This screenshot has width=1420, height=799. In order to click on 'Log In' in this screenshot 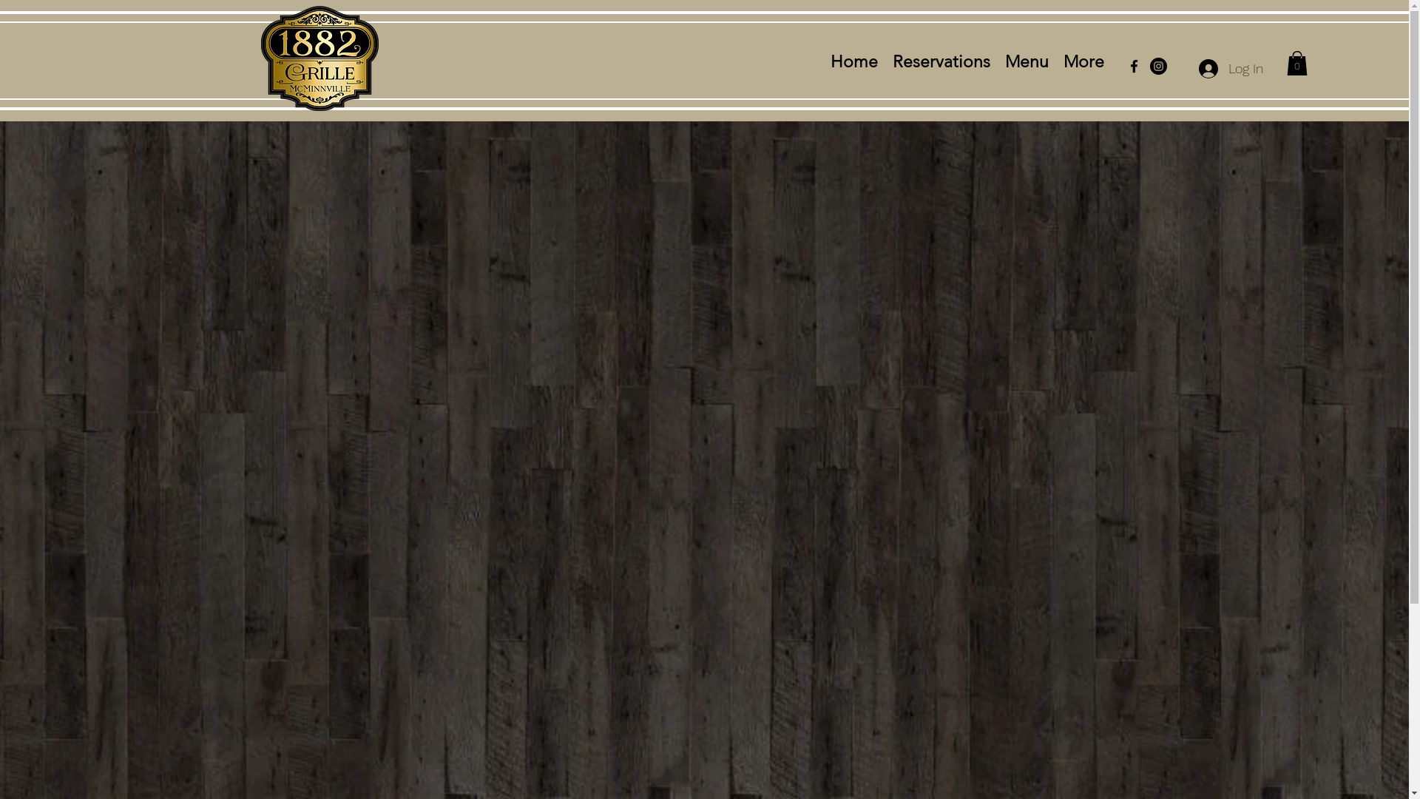, I will do `click(1231, 68)`.